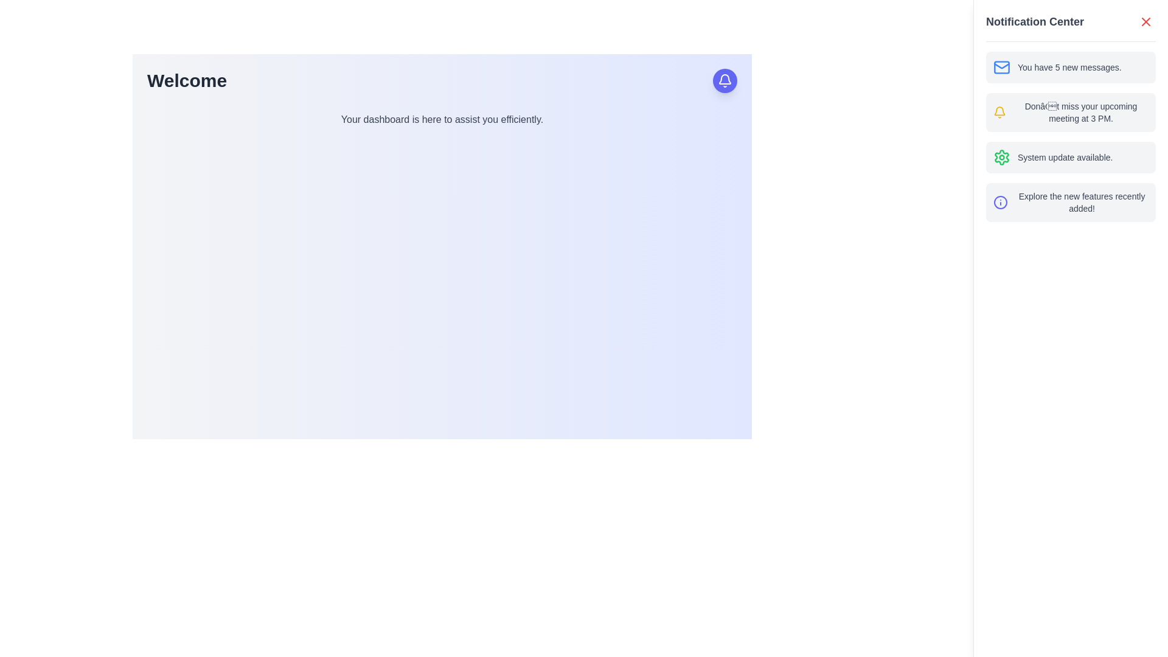  I want to click on the text label that displays 'Your dashboard is here to assist you efficiently.' which is styled in gray and positioned below the bold text 'Welcome', so click(441, 119).